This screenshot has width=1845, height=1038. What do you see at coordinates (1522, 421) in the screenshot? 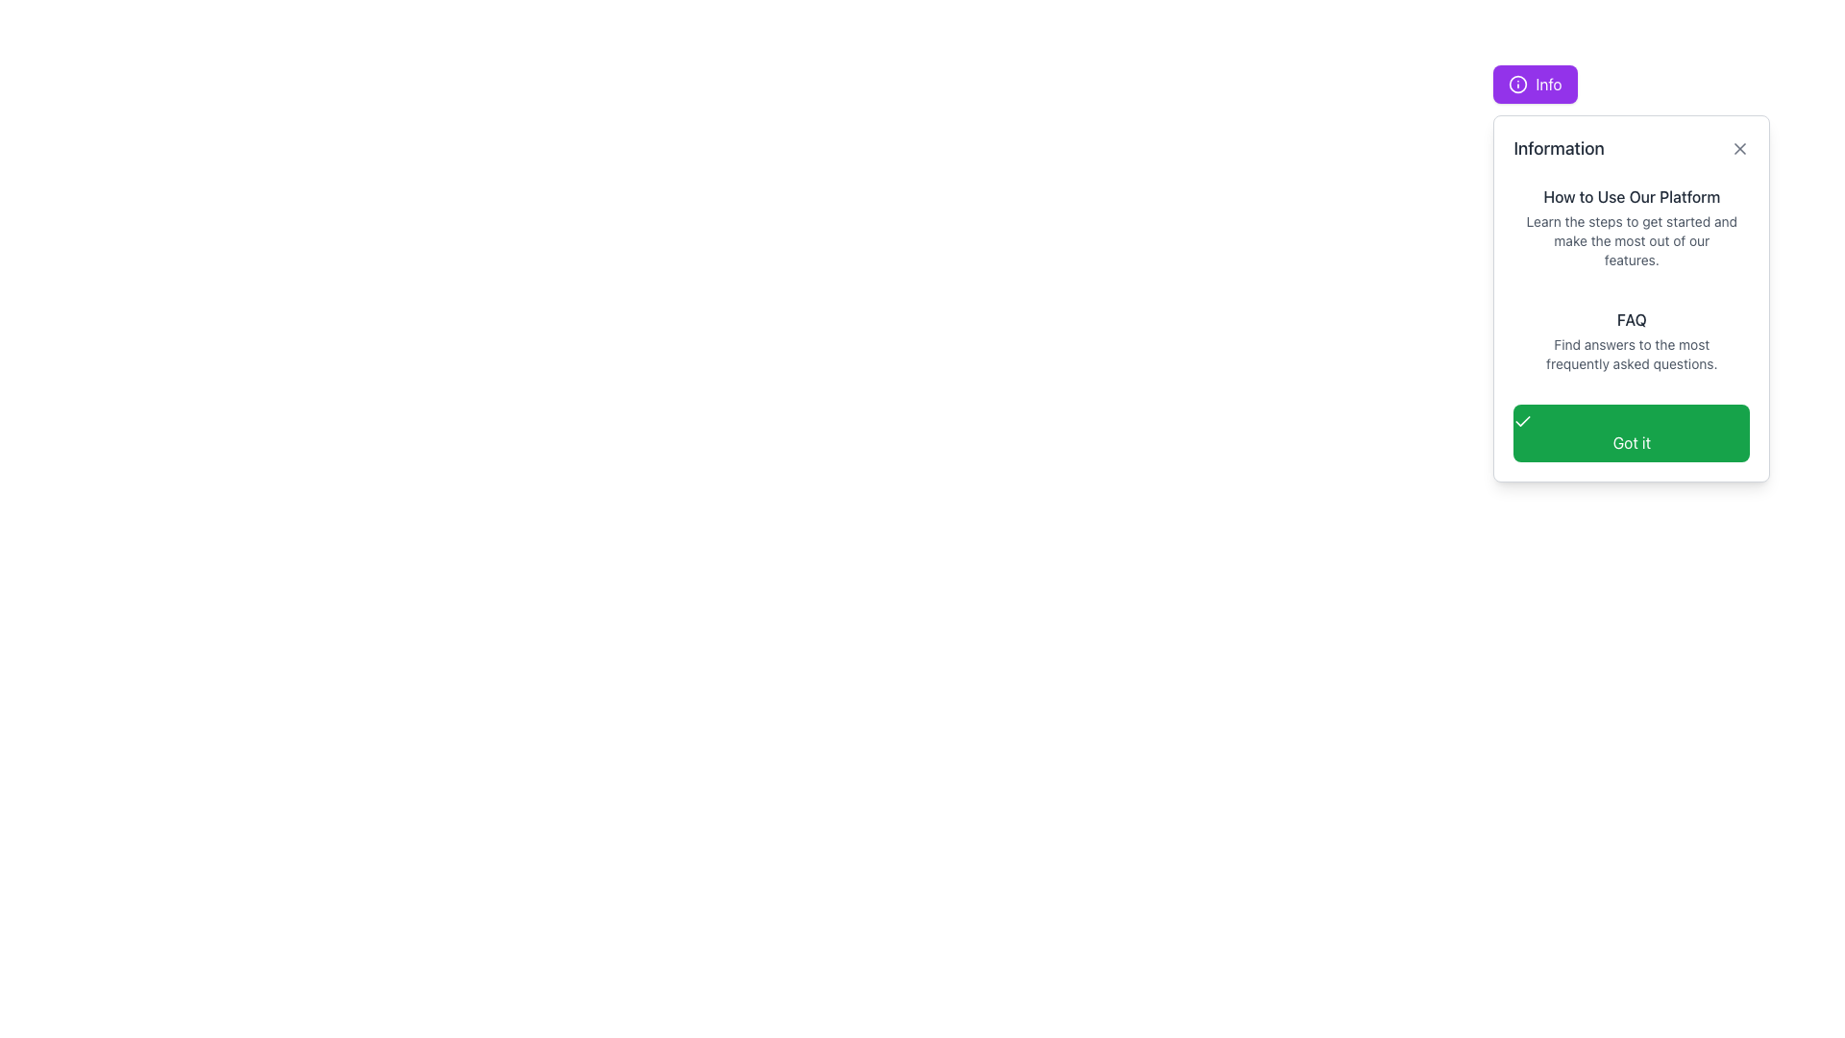
I see `the small checkmark icon with a green stroke color, located to the left of the 'Got it' button at the bottom of the card element` at bounding box center [1522, 421].